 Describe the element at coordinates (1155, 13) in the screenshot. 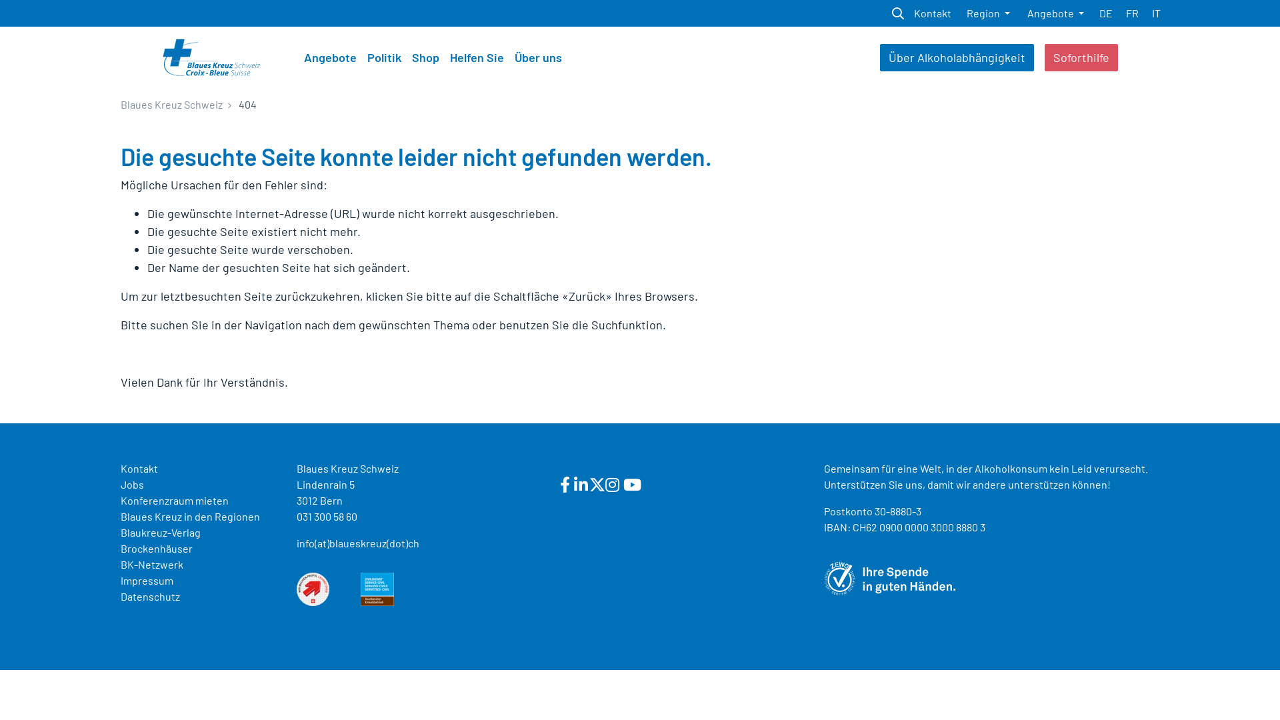

I see `'IT'` at that location.